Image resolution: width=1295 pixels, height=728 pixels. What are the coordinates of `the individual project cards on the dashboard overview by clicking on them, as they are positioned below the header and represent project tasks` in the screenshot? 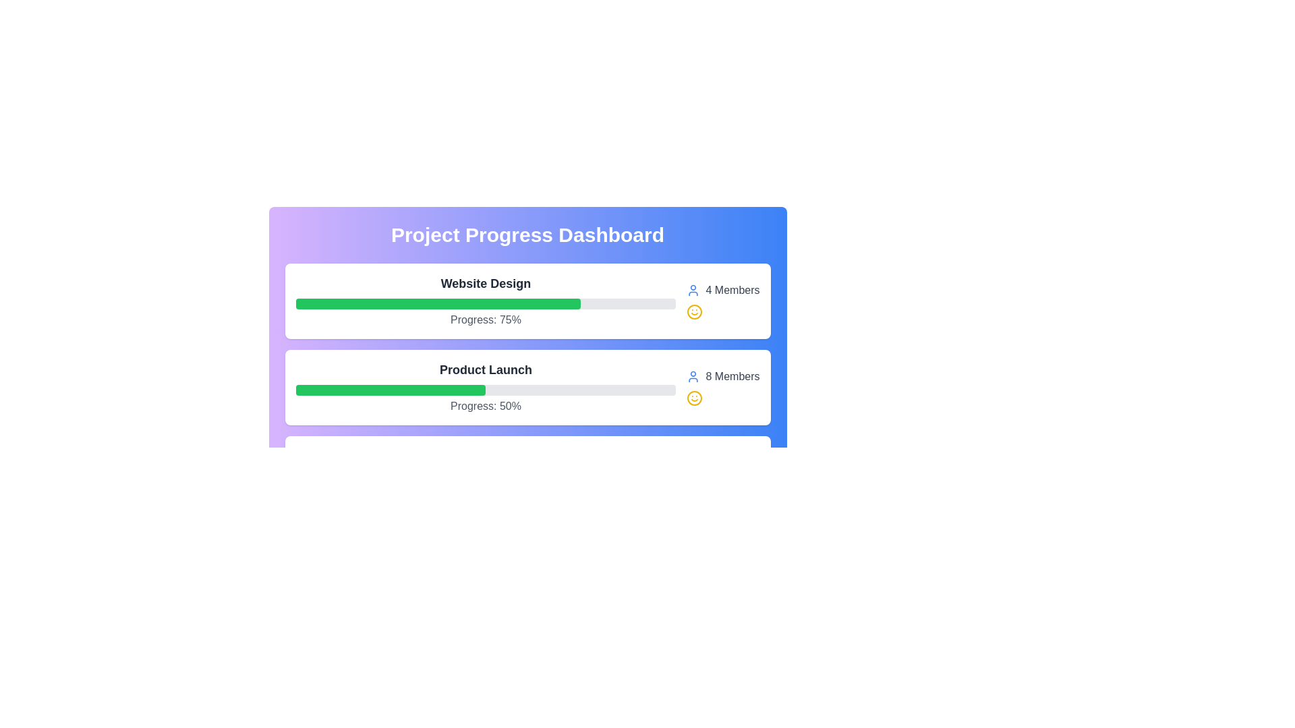 It's located at (527, 367).